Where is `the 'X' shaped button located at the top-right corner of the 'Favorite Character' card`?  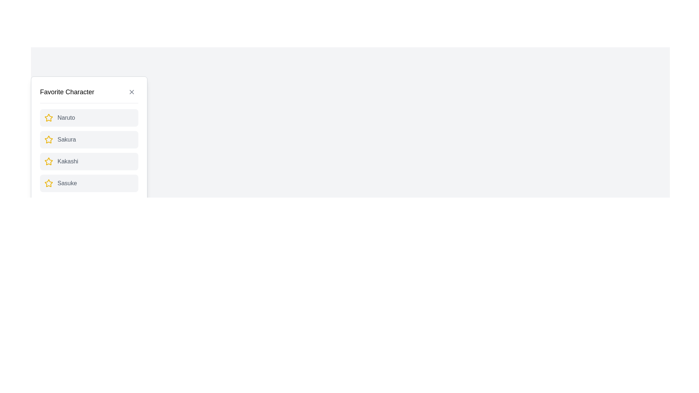
the 'X' shaped button located at the top-right corner of the 'Favorite Character' card is located at coordinates (131, 92).